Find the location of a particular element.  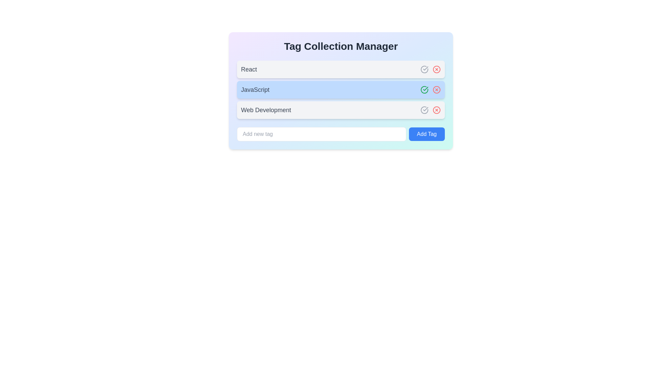

the selectable tag labeled 'Web Development' is located at coordinates (341, 109).